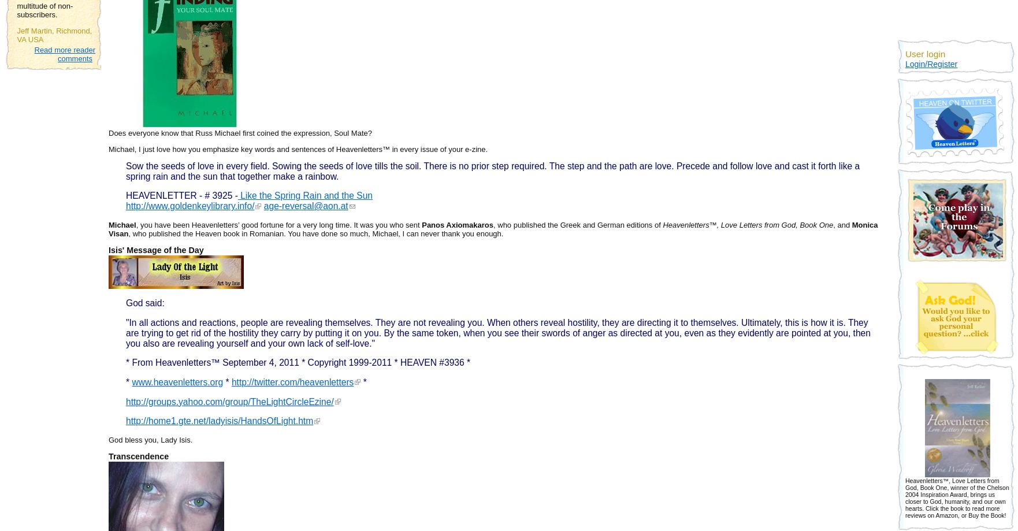 The image size is (1018, 531). What do you see at coordinates (578, 224) in the screenshot?
I see `', who published the Greek and German editions of'` at bounding box center [578, 224].